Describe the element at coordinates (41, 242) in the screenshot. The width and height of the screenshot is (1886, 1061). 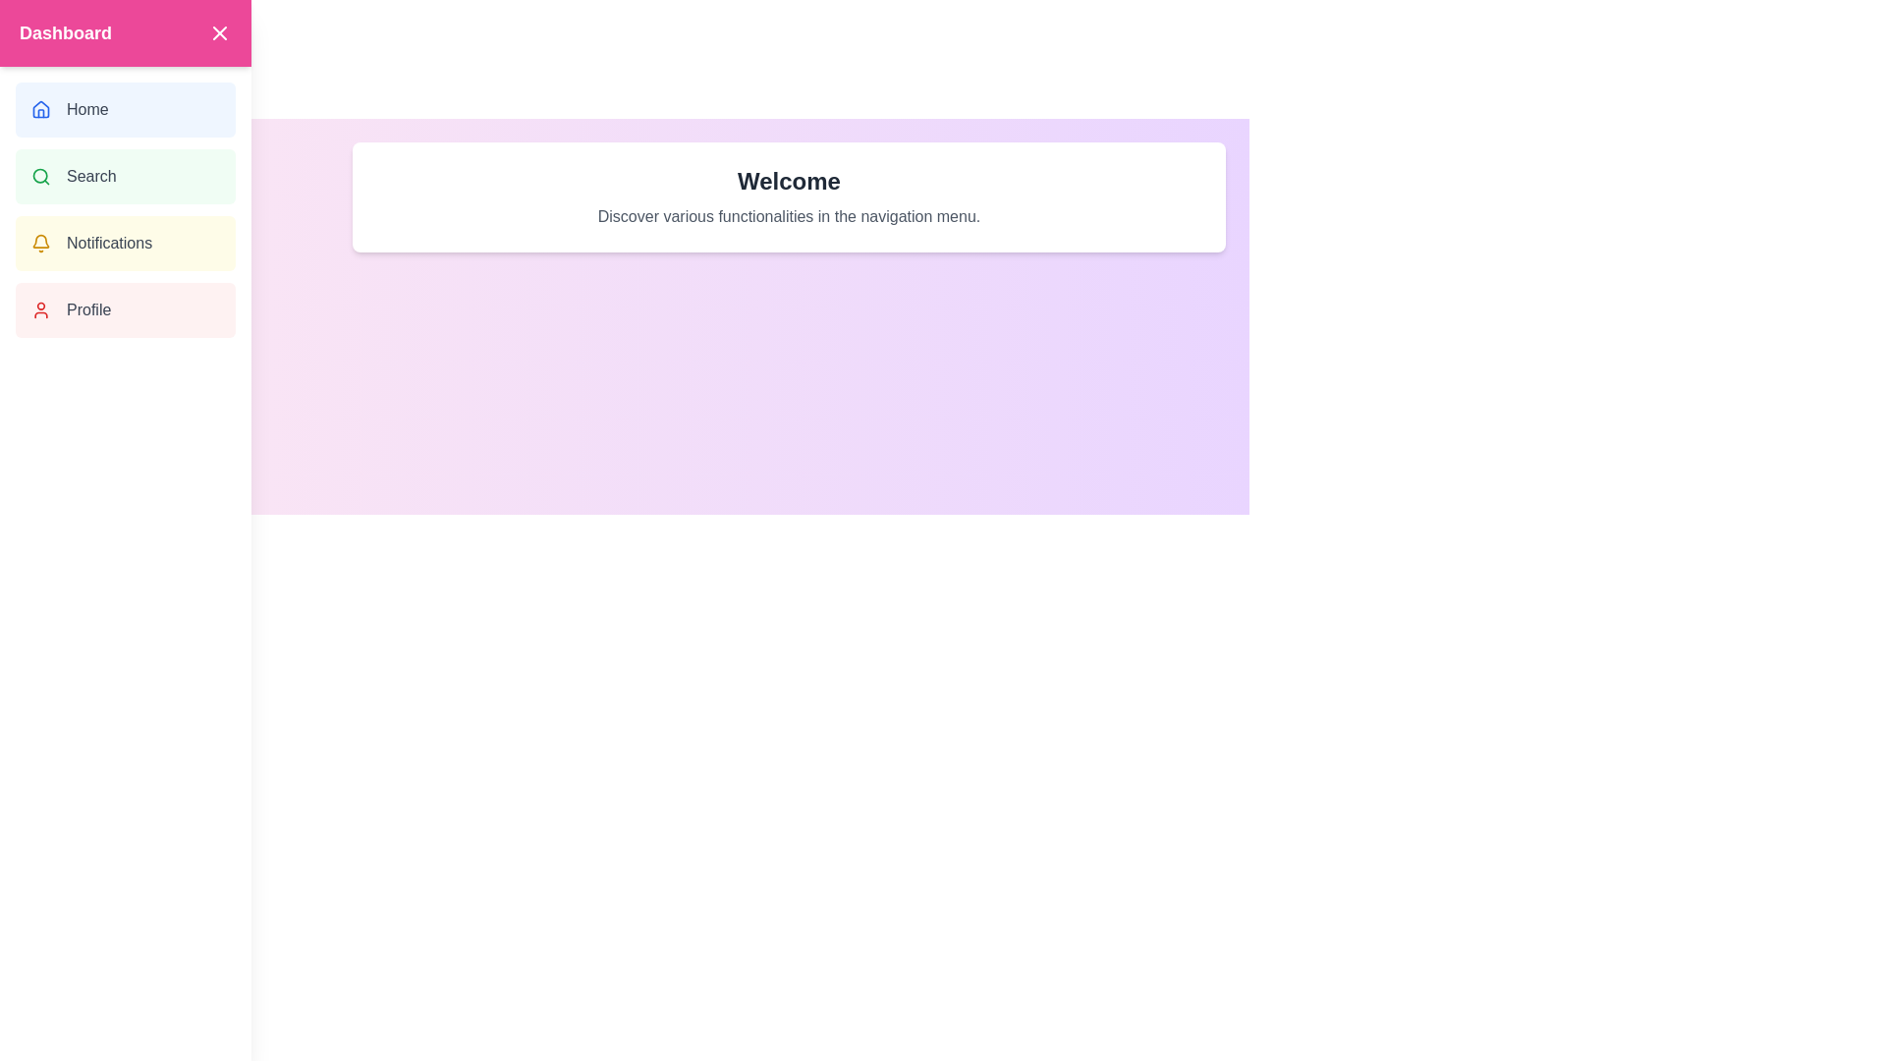
I see `the yellow outlined bell icon representing notifications, located in the vertical navigation menu on the left side of the interface, to interact with it` at that location.